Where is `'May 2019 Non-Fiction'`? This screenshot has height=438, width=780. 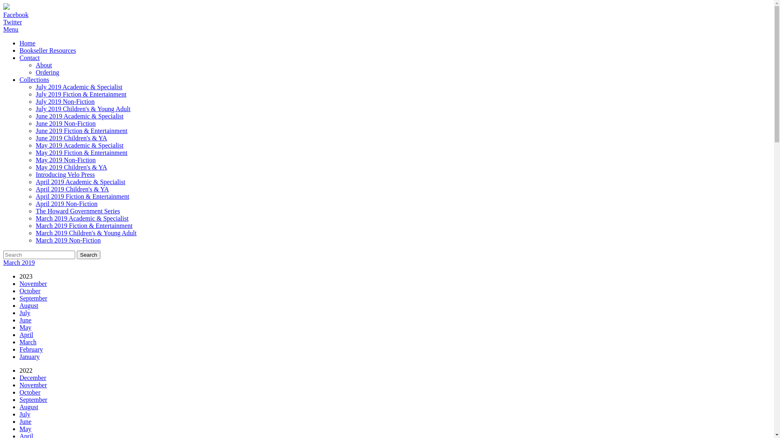 'May 2019 Non-Fiction' is located at coordinates (66, 160).